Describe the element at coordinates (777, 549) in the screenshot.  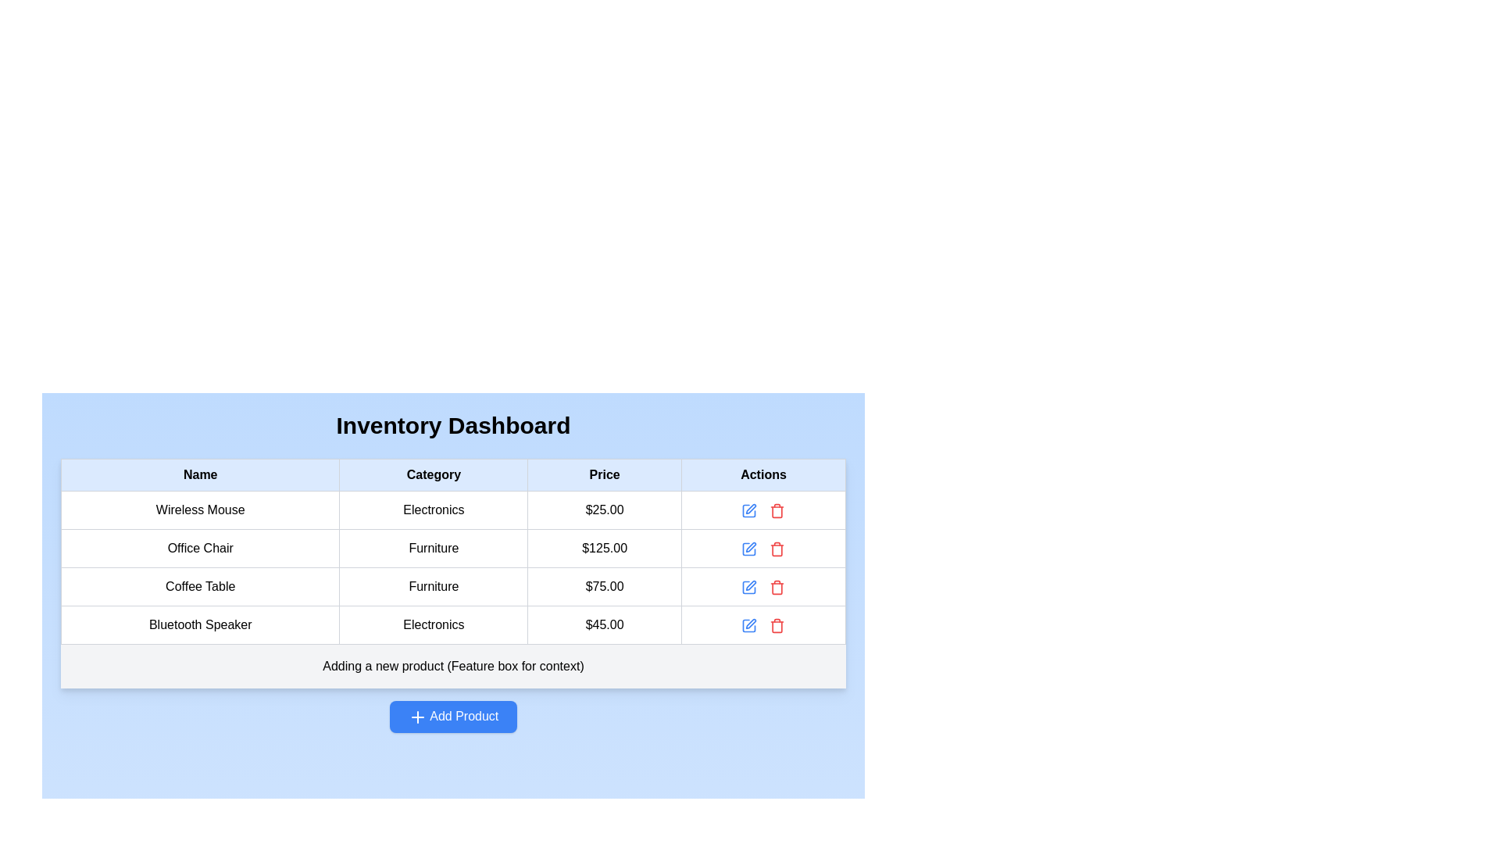
I see `the trash icon in the 'Actions' column` at that location.